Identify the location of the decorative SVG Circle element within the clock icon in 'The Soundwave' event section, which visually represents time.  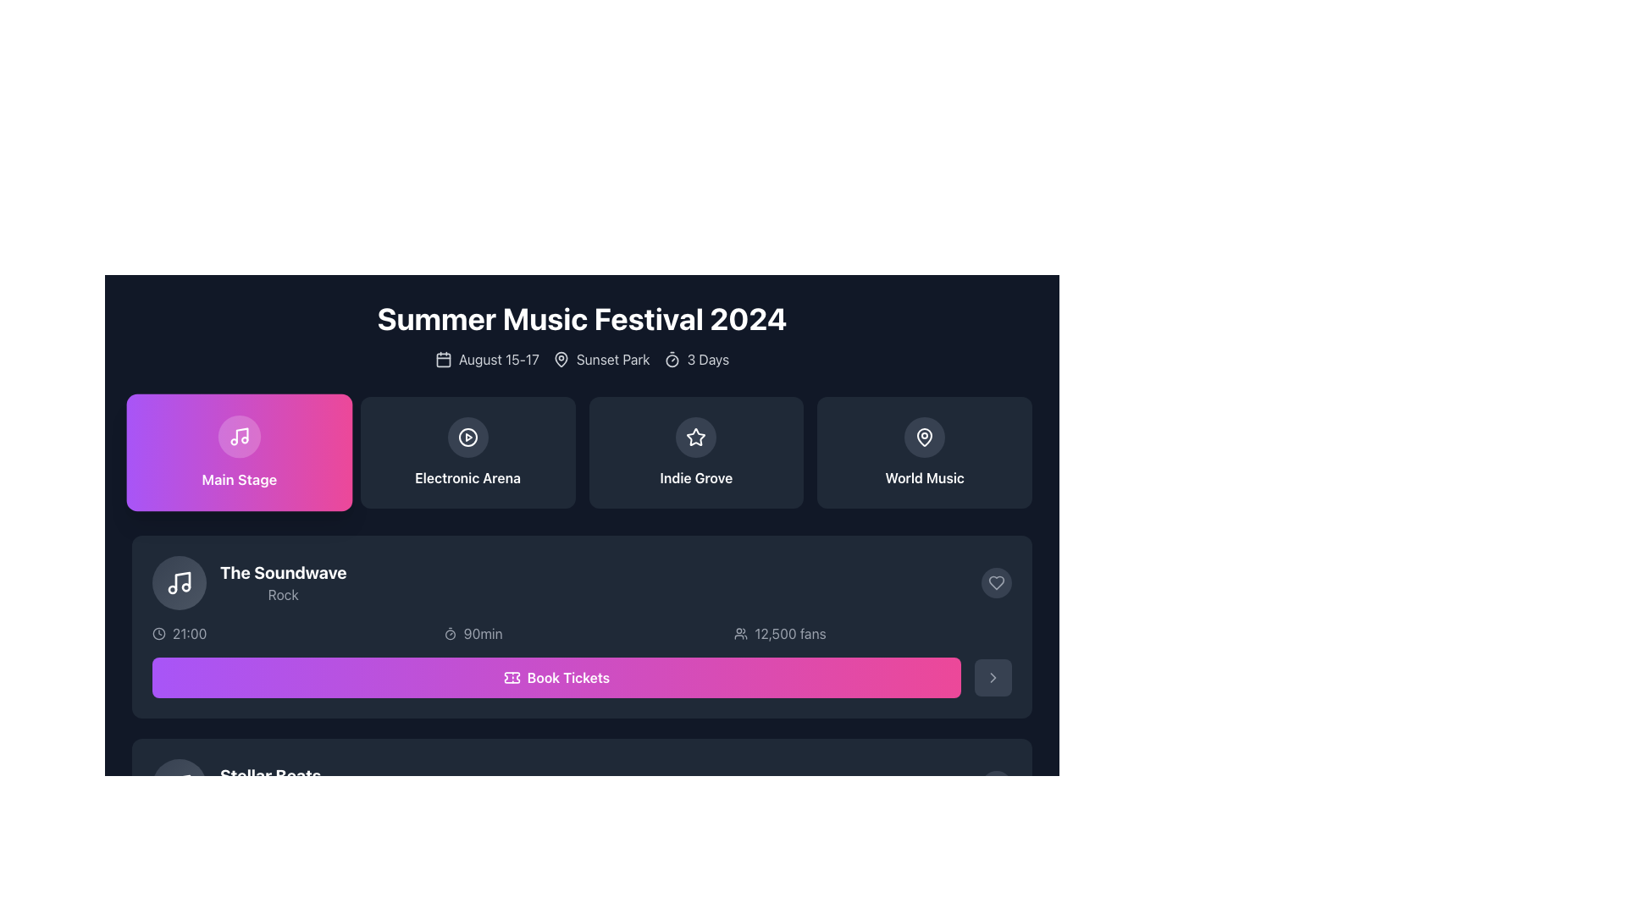
(158, 633).